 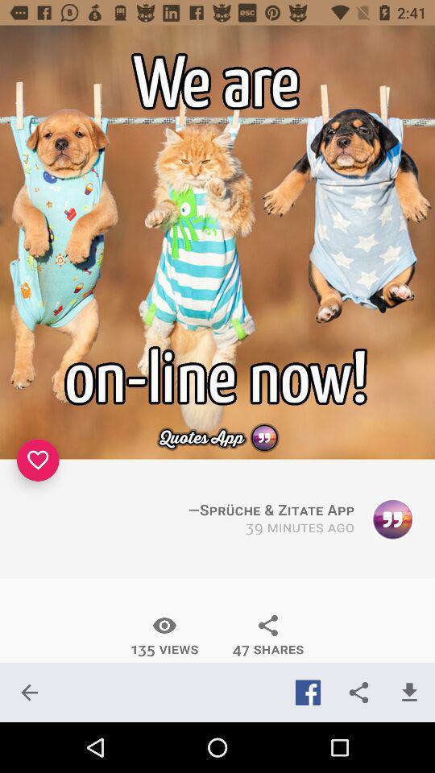 I want to click on 135 views, so click(x=164, y=635).